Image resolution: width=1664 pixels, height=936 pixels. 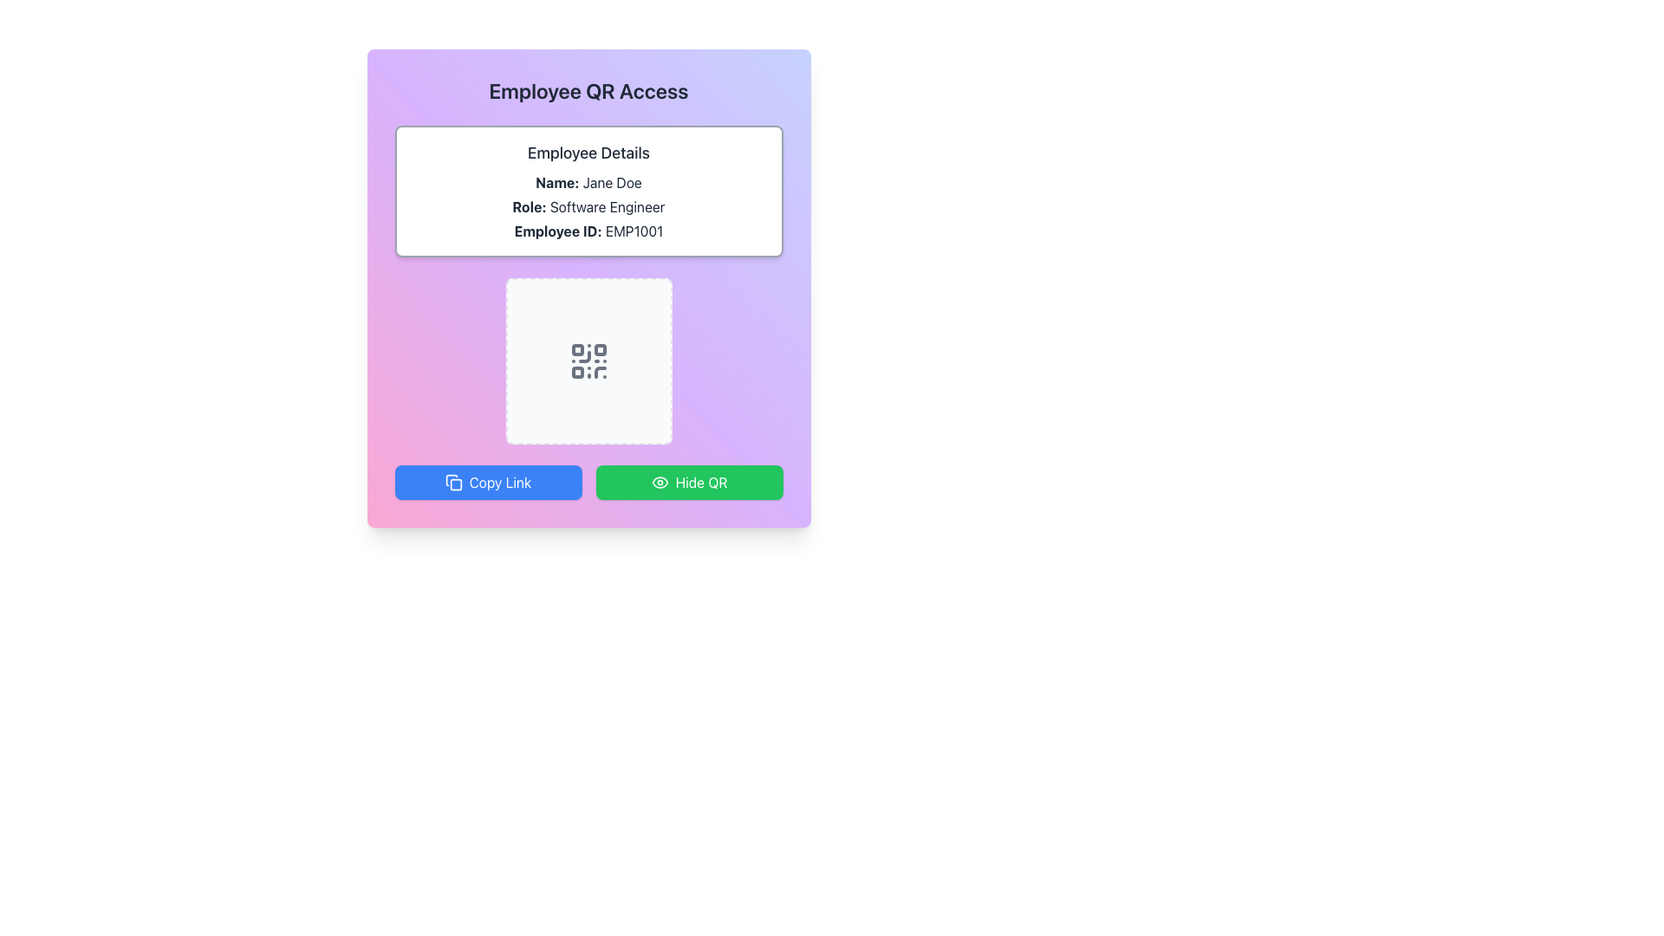 What do you see at coordinates (577, 350) in the screenshot?
I see `the top-left square of the QR code graphic, which is prominently placed in the center of the user interface` at bounding box center [577, 350].